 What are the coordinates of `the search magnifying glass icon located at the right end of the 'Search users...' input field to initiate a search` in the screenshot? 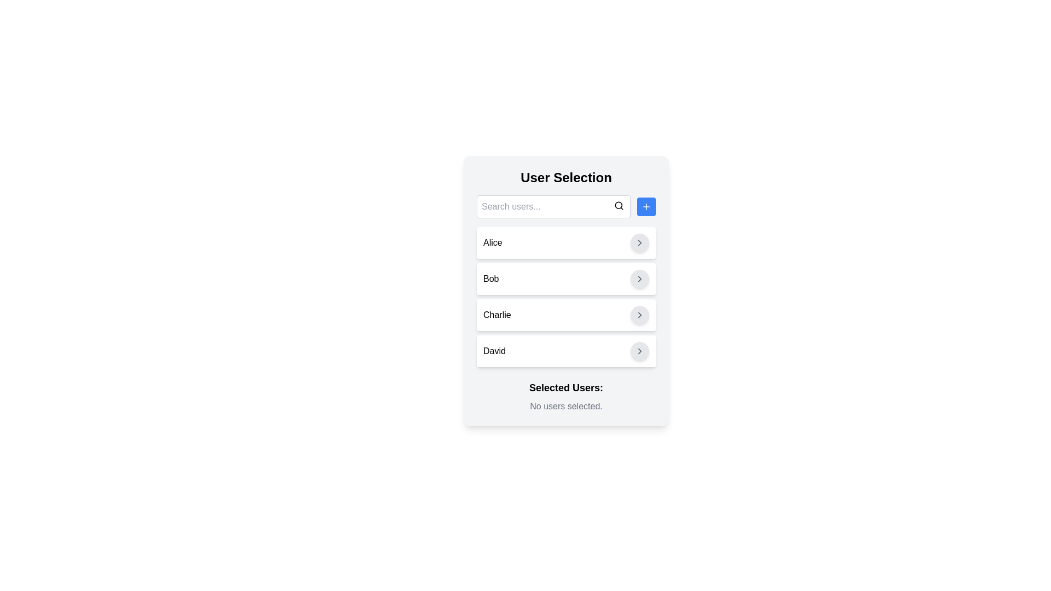 It's located at (619, 205).